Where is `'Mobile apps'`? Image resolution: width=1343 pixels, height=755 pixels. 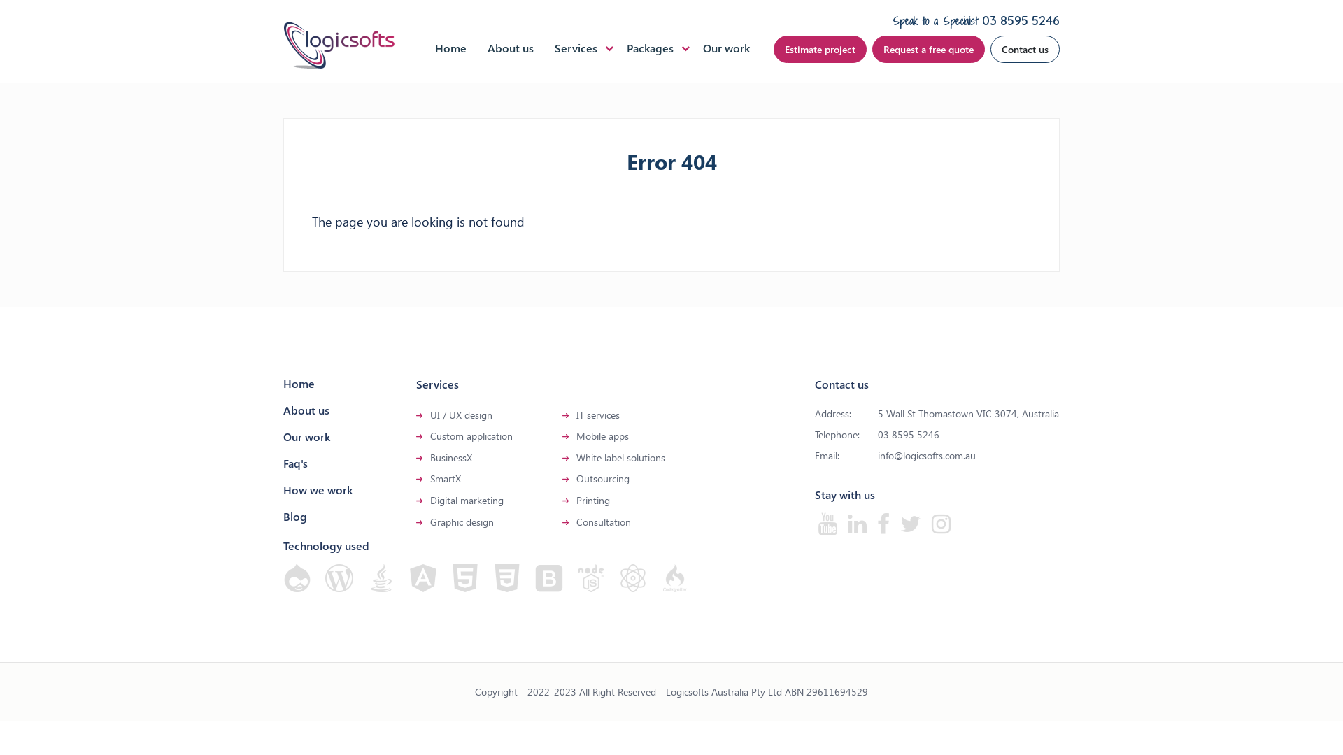 'Mobile apps' is located at coordinates (576, 435).